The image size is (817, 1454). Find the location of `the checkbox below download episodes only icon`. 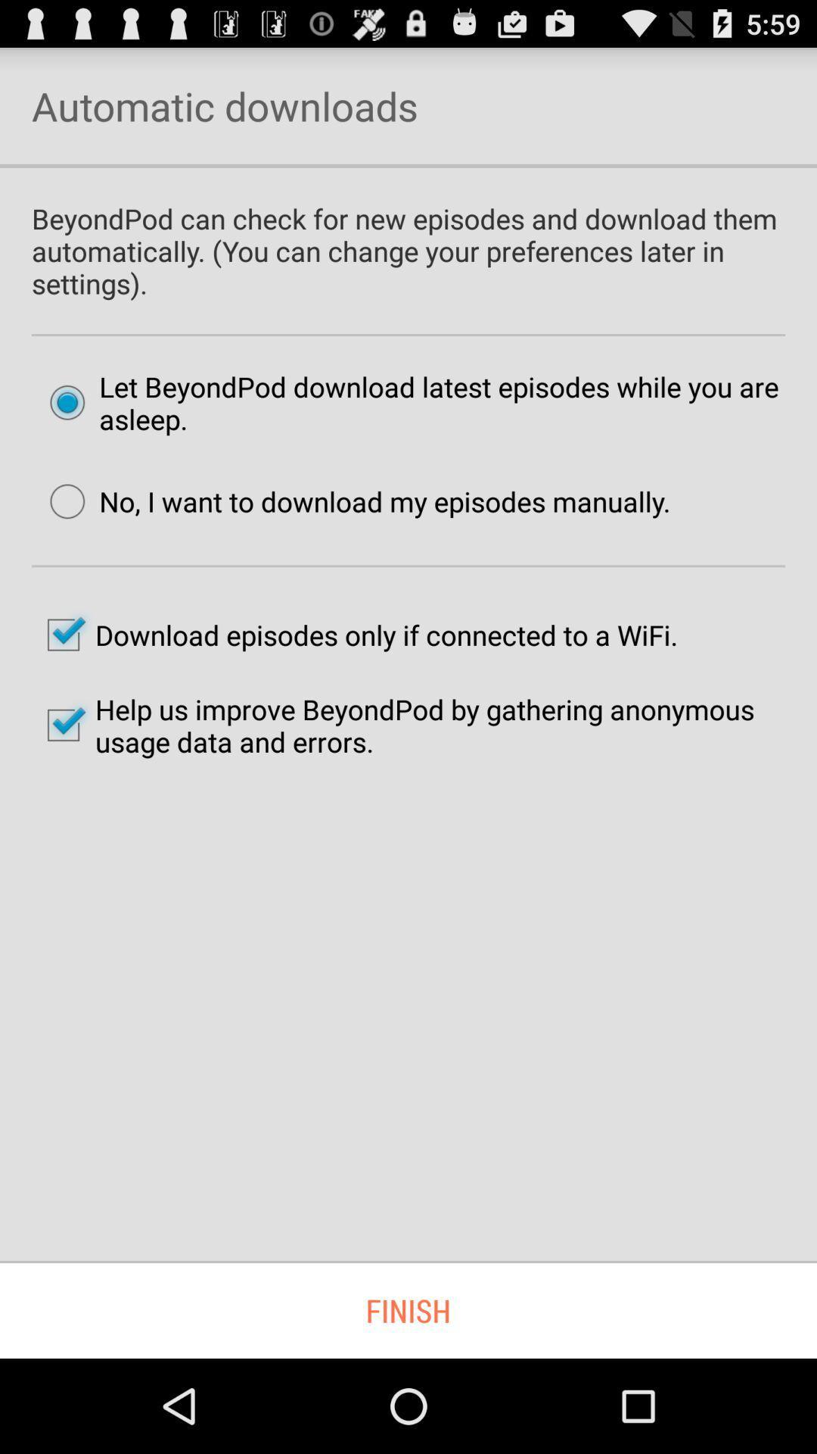

the checkbox below download episodes only icon is located at coordinates (408, 725).